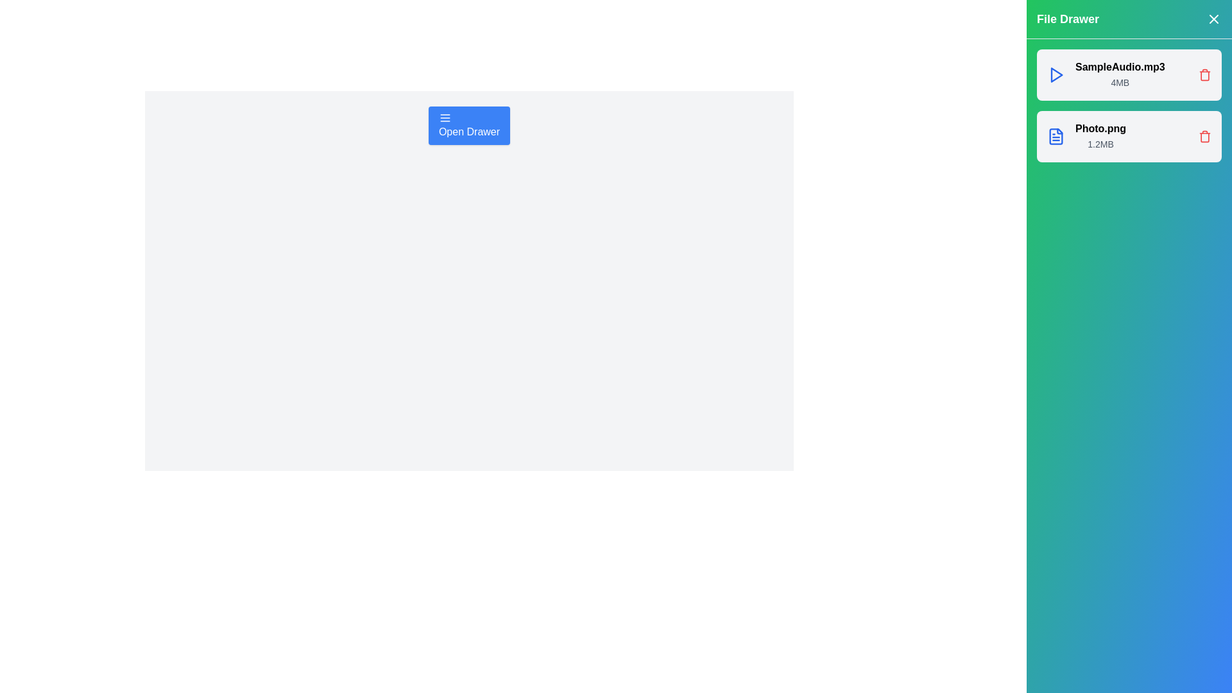 The height and width of the screenshot is (693, 1232). I want to click on the file entry for Photo.png to view its details, so click(1129, 136).